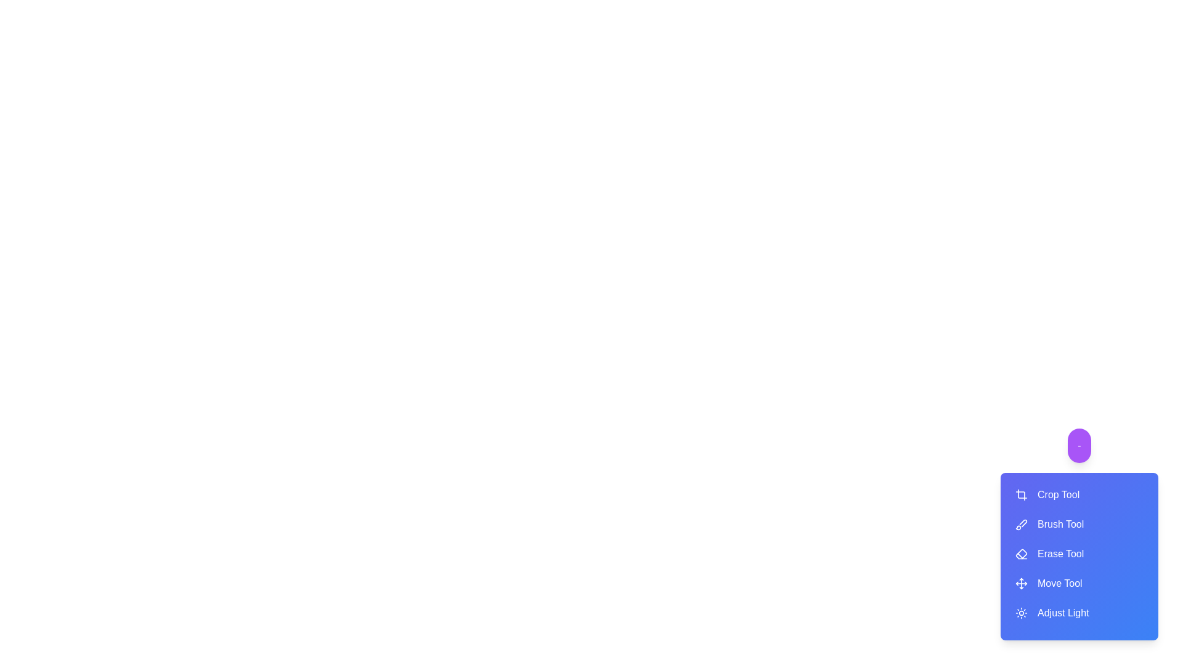 The width and height of the screenshot is (1183, 665). What do you see at coordinates (1021, 552) in the screenshot?
I see `the eraser tool icon in the blue sidebar interface` at bounding box center [1021, 552].